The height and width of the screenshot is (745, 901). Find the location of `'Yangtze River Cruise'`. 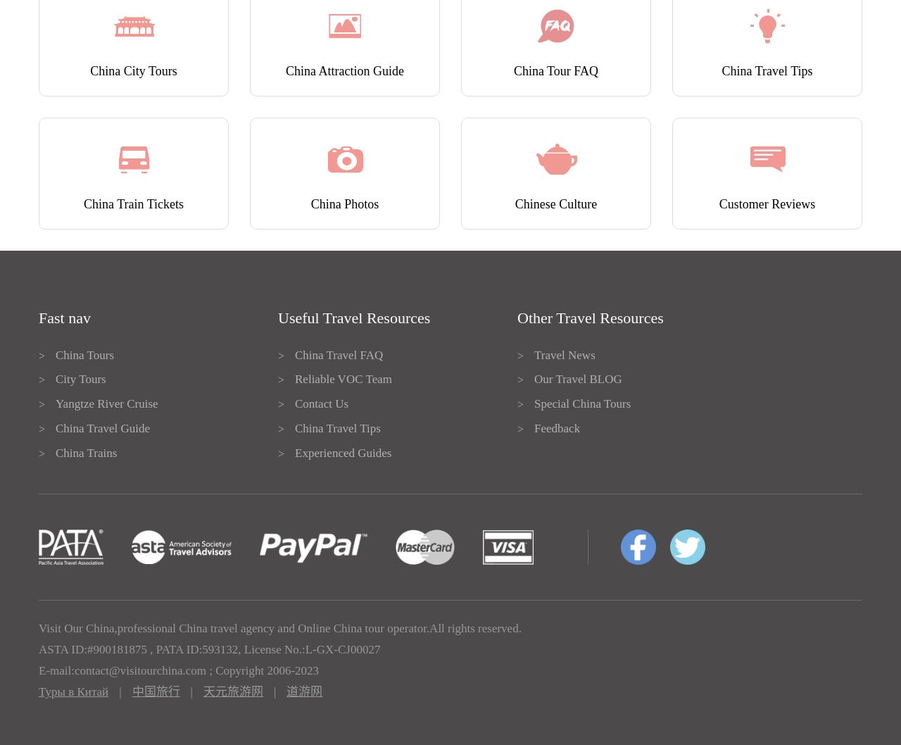

'Yangtze River Cruise' is located at coordinates (106, 403).